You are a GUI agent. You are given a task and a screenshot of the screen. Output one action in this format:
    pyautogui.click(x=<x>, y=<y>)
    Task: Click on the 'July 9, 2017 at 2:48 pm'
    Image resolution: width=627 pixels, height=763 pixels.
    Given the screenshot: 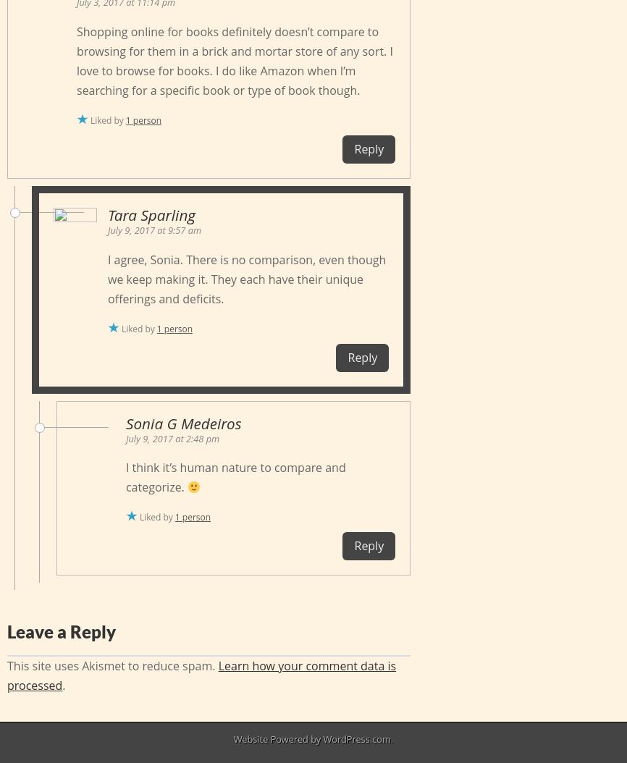 What is the action you would take?
    pyautogui.click(x=172, y=437)
    